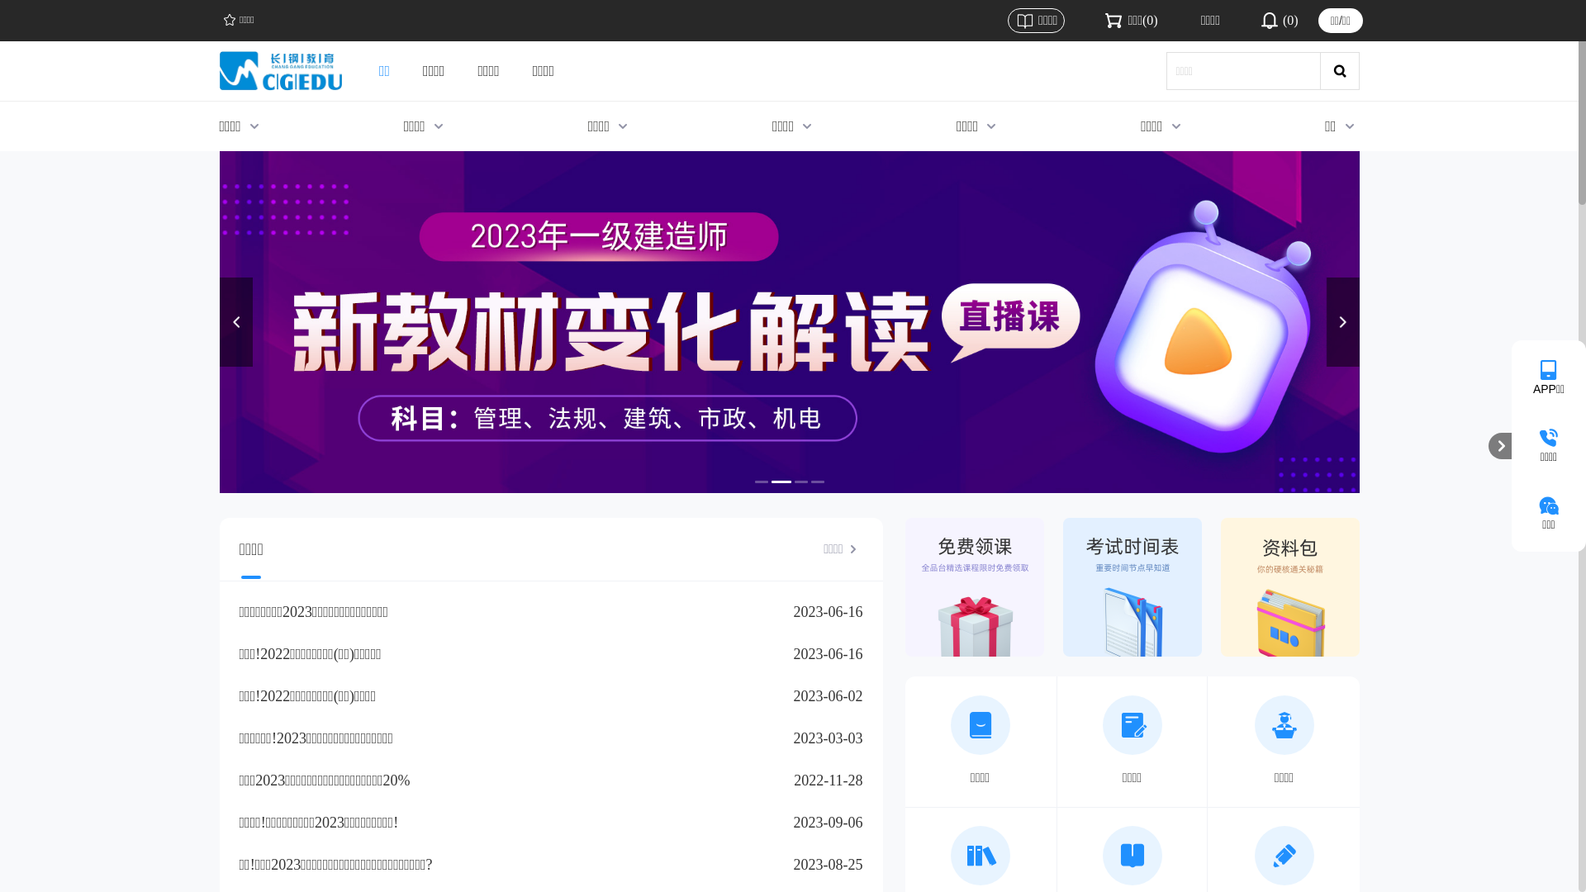 This screenshot has height=892, width=1586. I want to click on '4', so click(816, 482).